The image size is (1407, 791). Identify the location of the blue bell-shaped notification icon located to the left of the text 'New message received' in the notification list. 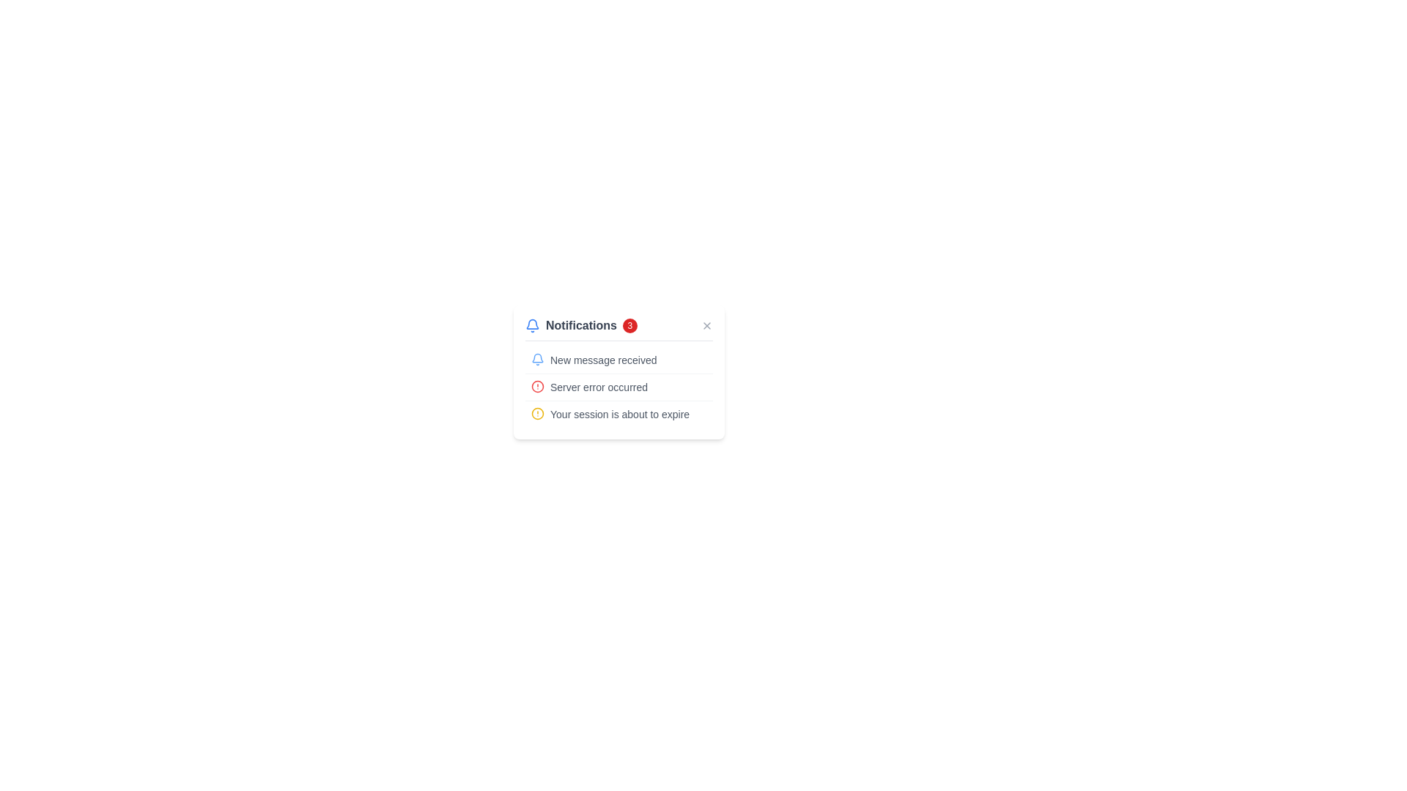
(537, 359).